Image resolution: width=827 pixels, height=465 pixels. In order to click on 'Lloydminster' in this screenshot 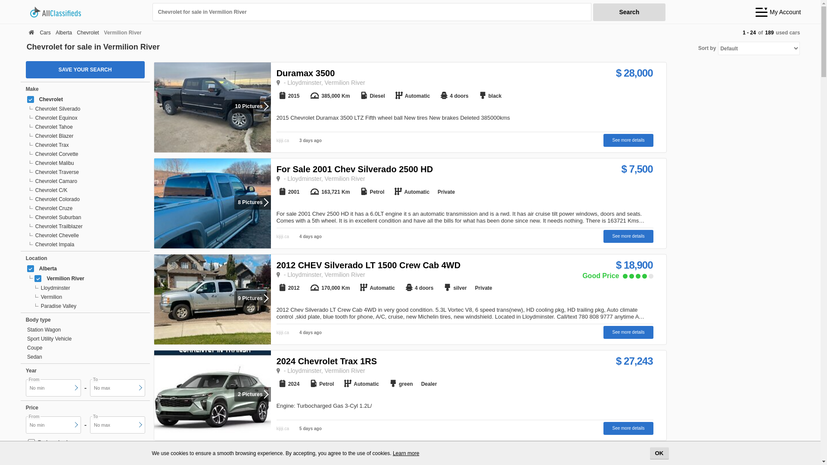, I will do `click(89, 288)`.